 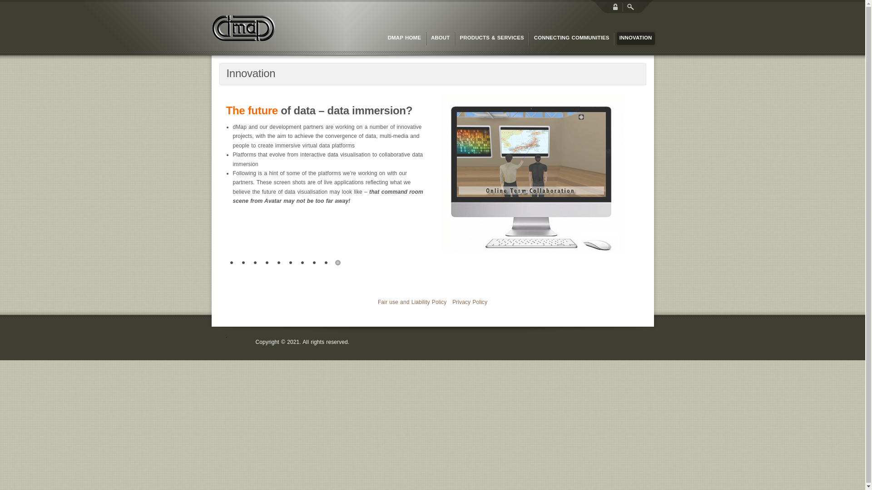 What do you see at coordinates (617, 38) in the screenshot?
I see `'INNOVATION'` at bounding box center [617, 38].